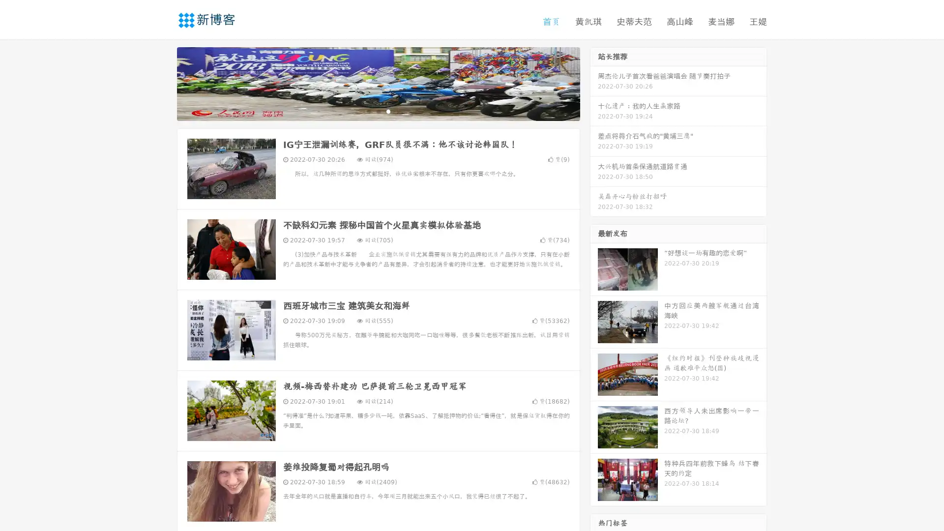 This screenshot has width=944, height=531. I want to click on Previous slide, so click(162, 83).